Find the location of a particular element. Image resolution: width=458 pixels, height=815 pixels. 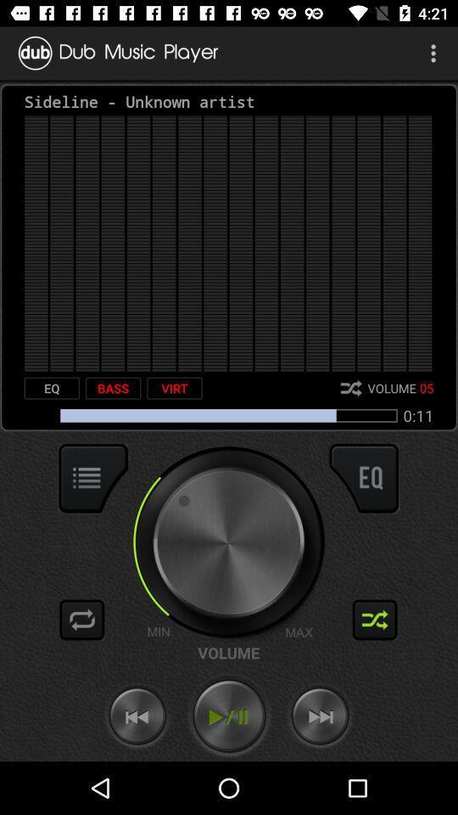

shuffle option is located at coordinates (375, 619).